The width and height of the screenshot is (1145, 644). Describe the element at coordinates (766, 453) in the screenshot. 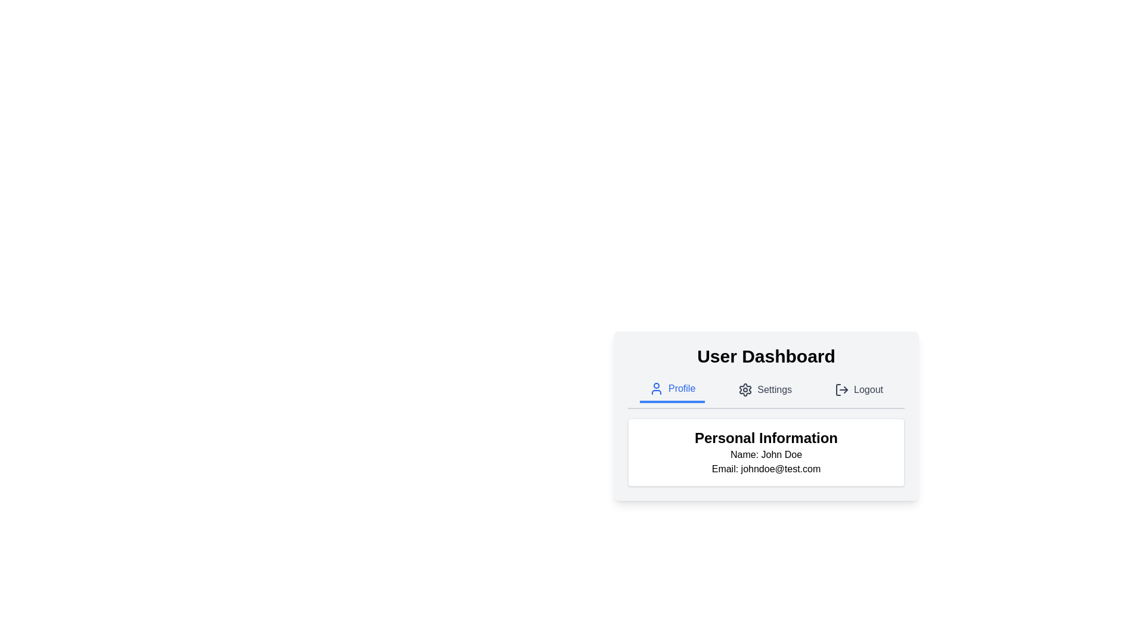

I see `the Information Display Block located in the User Dashboard section, which displays personal details such as the user's name and email address` at that location.